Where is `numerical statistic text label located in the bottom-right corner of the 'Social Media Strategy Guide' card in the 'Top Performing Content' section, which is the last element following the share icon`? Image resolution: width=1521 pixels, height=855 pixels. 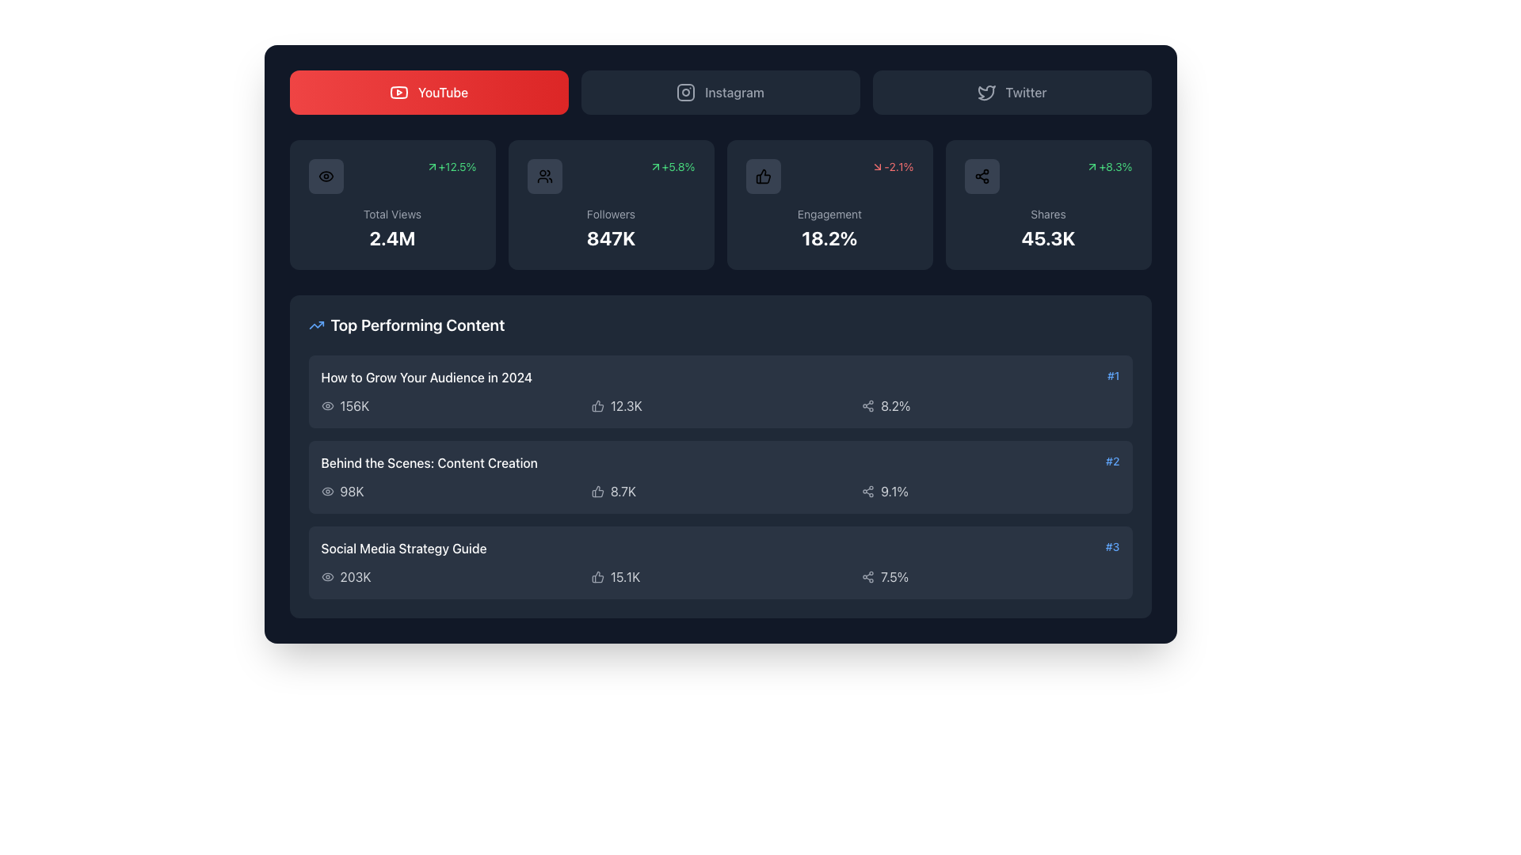 numerical statistic text label located in the bottom-right corner of the 'Social Media Strategy Guide' card in the 'Top Performing Content' section, which is the last element following the share icon is located at coordinates (894, 577).